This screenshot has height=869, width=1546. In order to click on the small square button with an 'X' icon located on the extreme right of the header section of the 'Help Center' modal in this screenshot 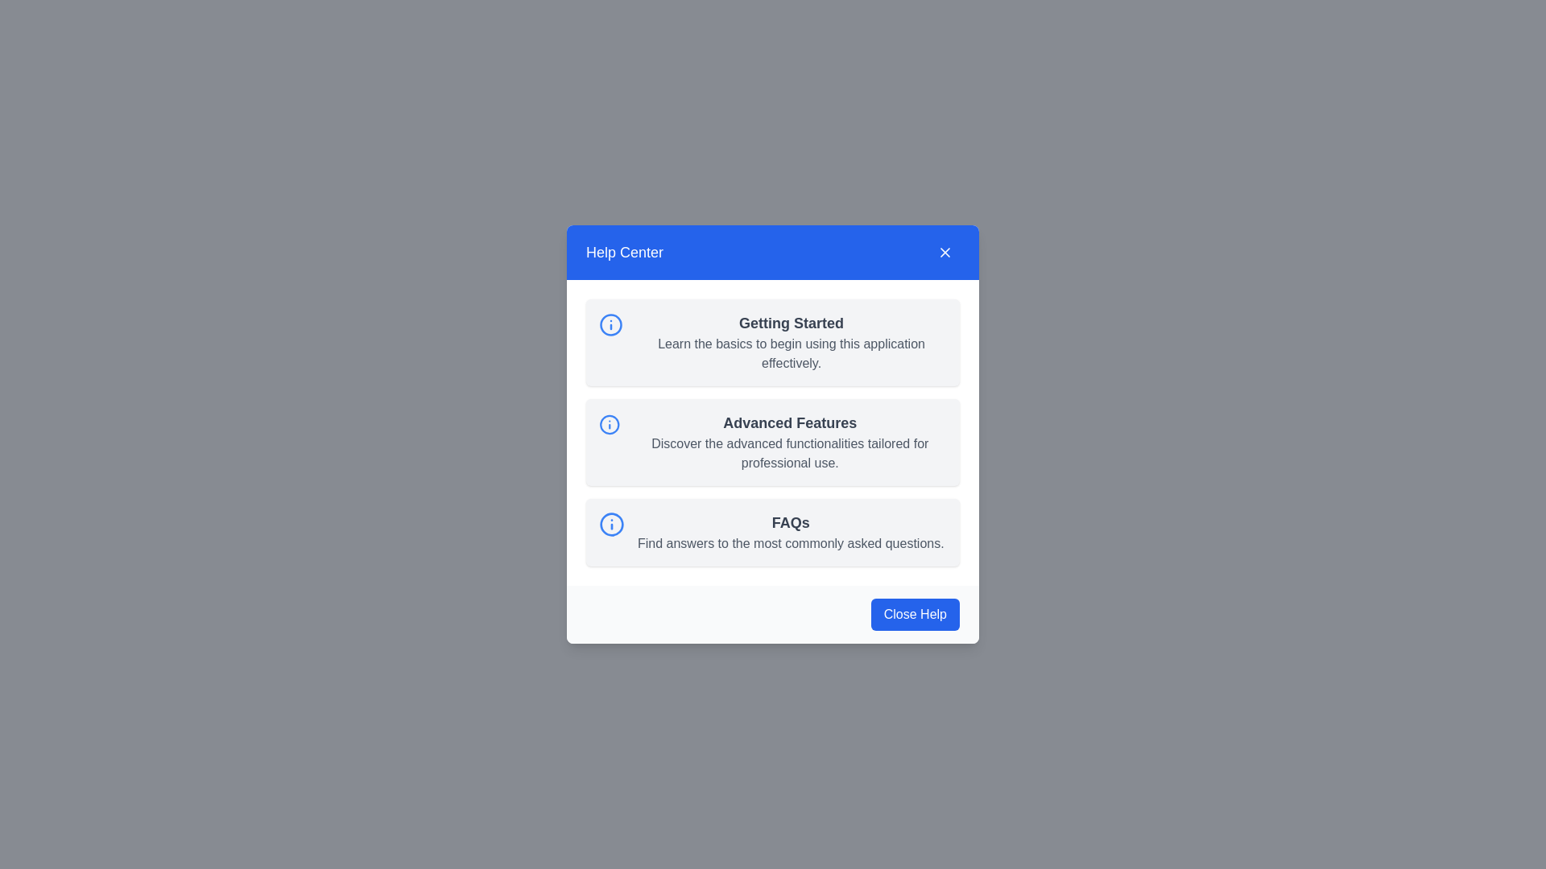, I will do `click(945, 252)`.